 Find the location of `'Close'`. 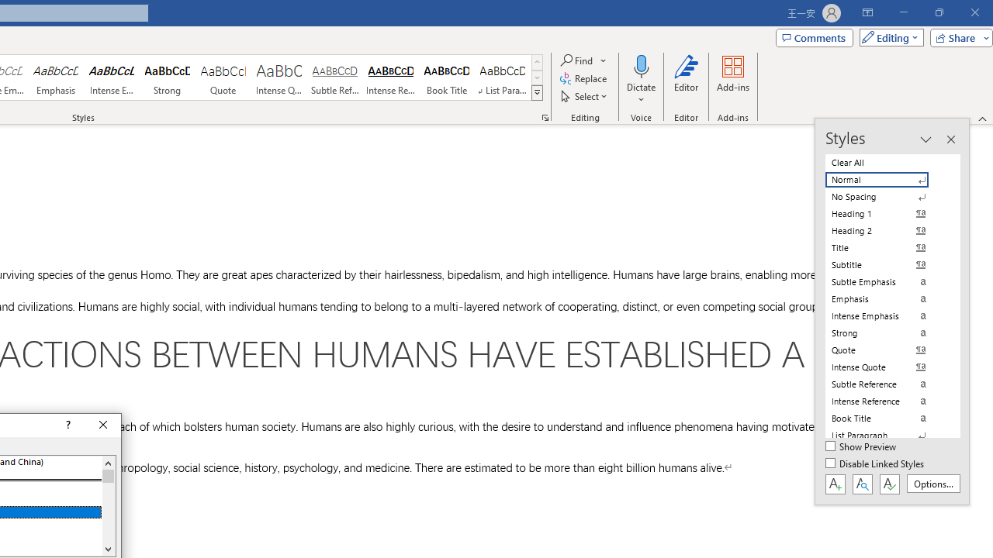

'Close' is located at coordinates (102, 425).